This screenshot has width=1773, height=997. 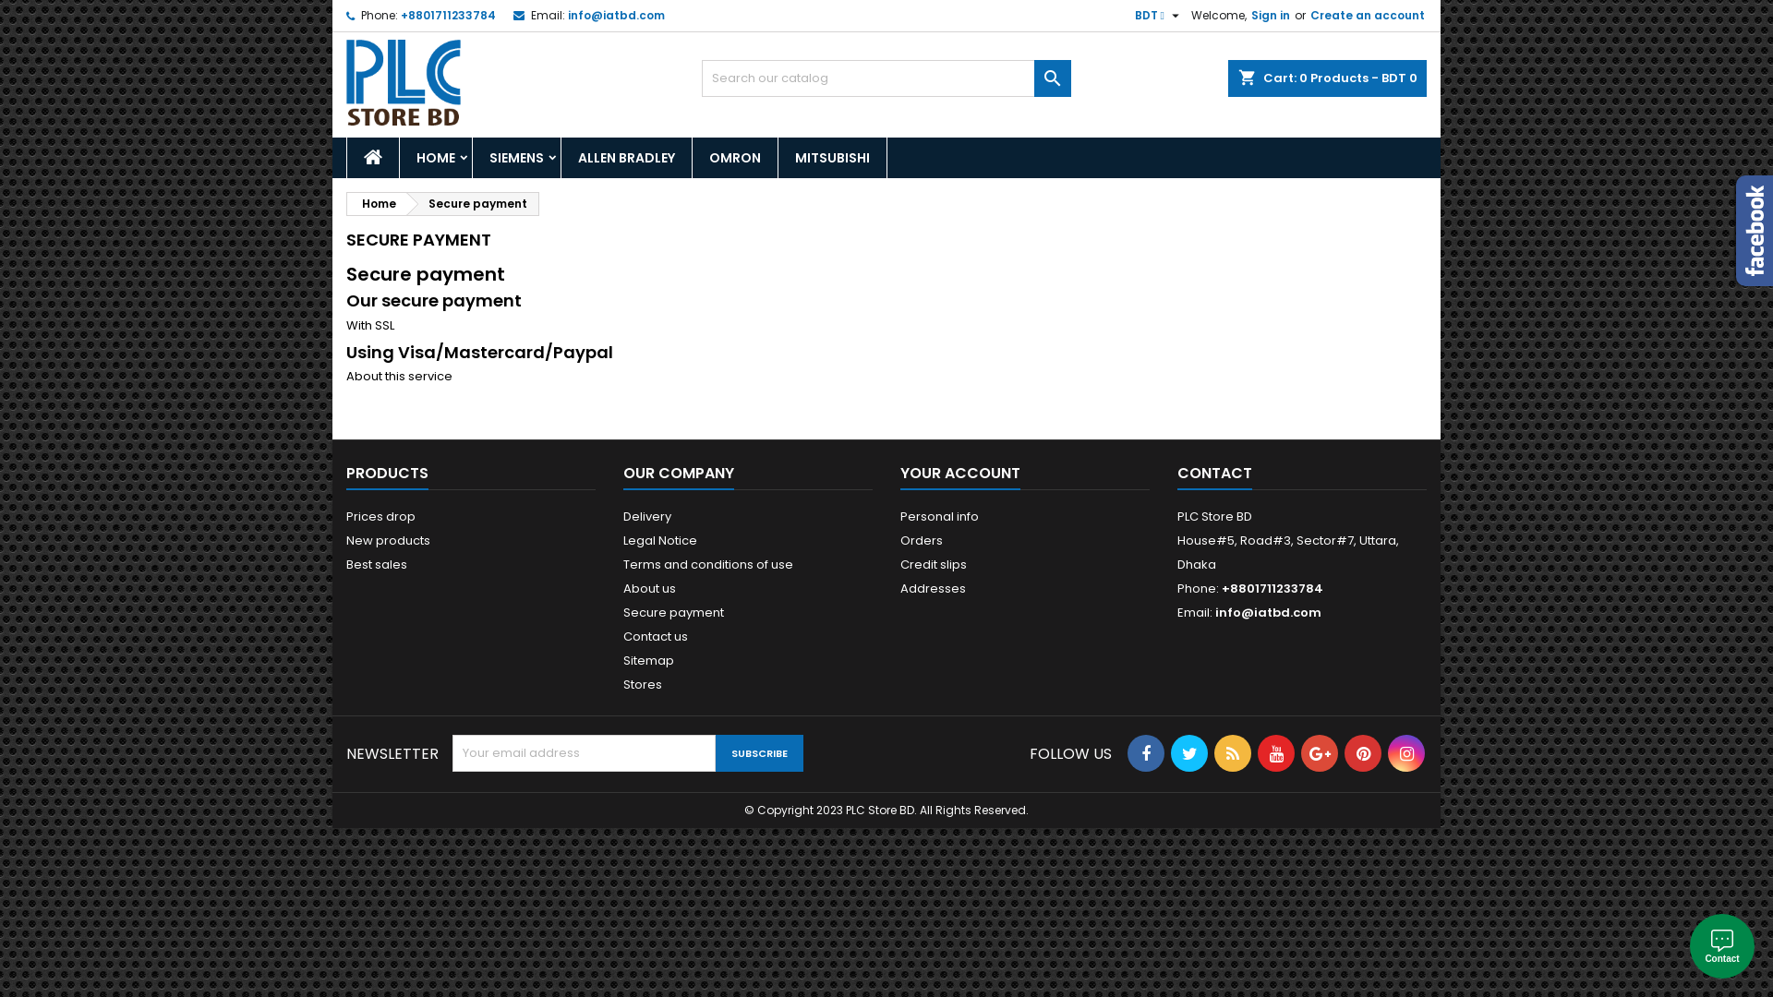 What do you see at coordinates (434, 156) in the screenshot?
I see `'HOME'` at bounding box center [434, 156].